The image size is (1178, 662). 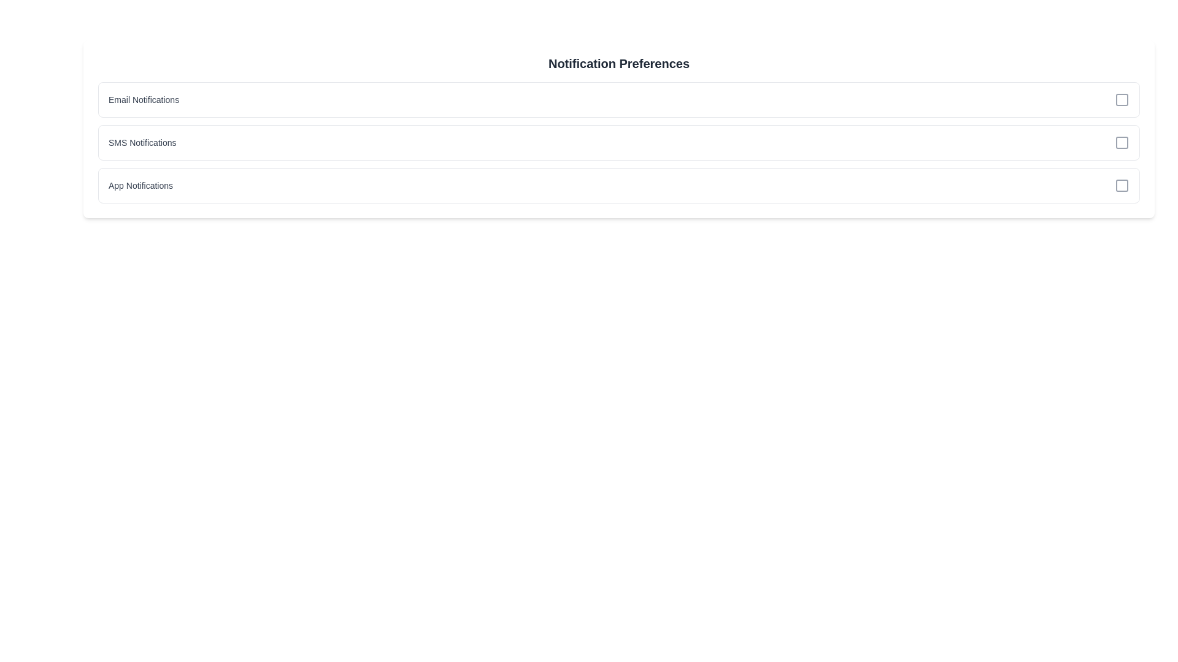 I want to click on the Checkbox-like icon located at the far-right side of the row containing the text 'Email Notifications', so click(x=1122, y=99).